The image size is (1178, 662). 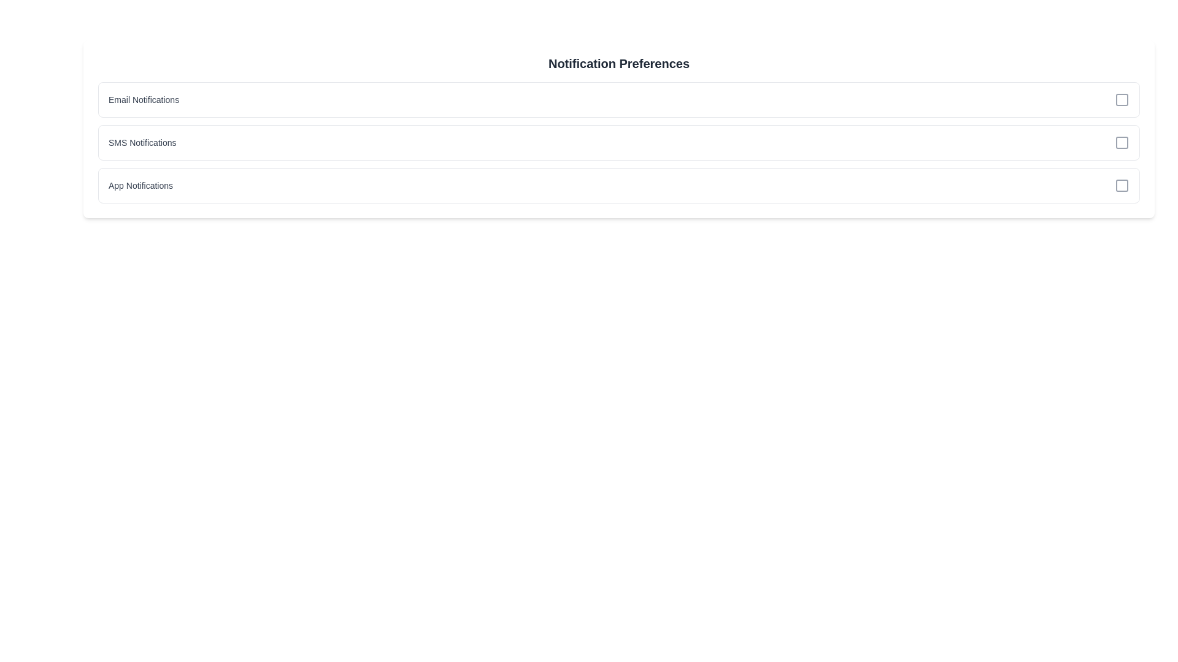 I want to click on the Checkbox-like icon located at the far-right side of the row containing the text 'Email Notifications', so click(x=1122, y=99).